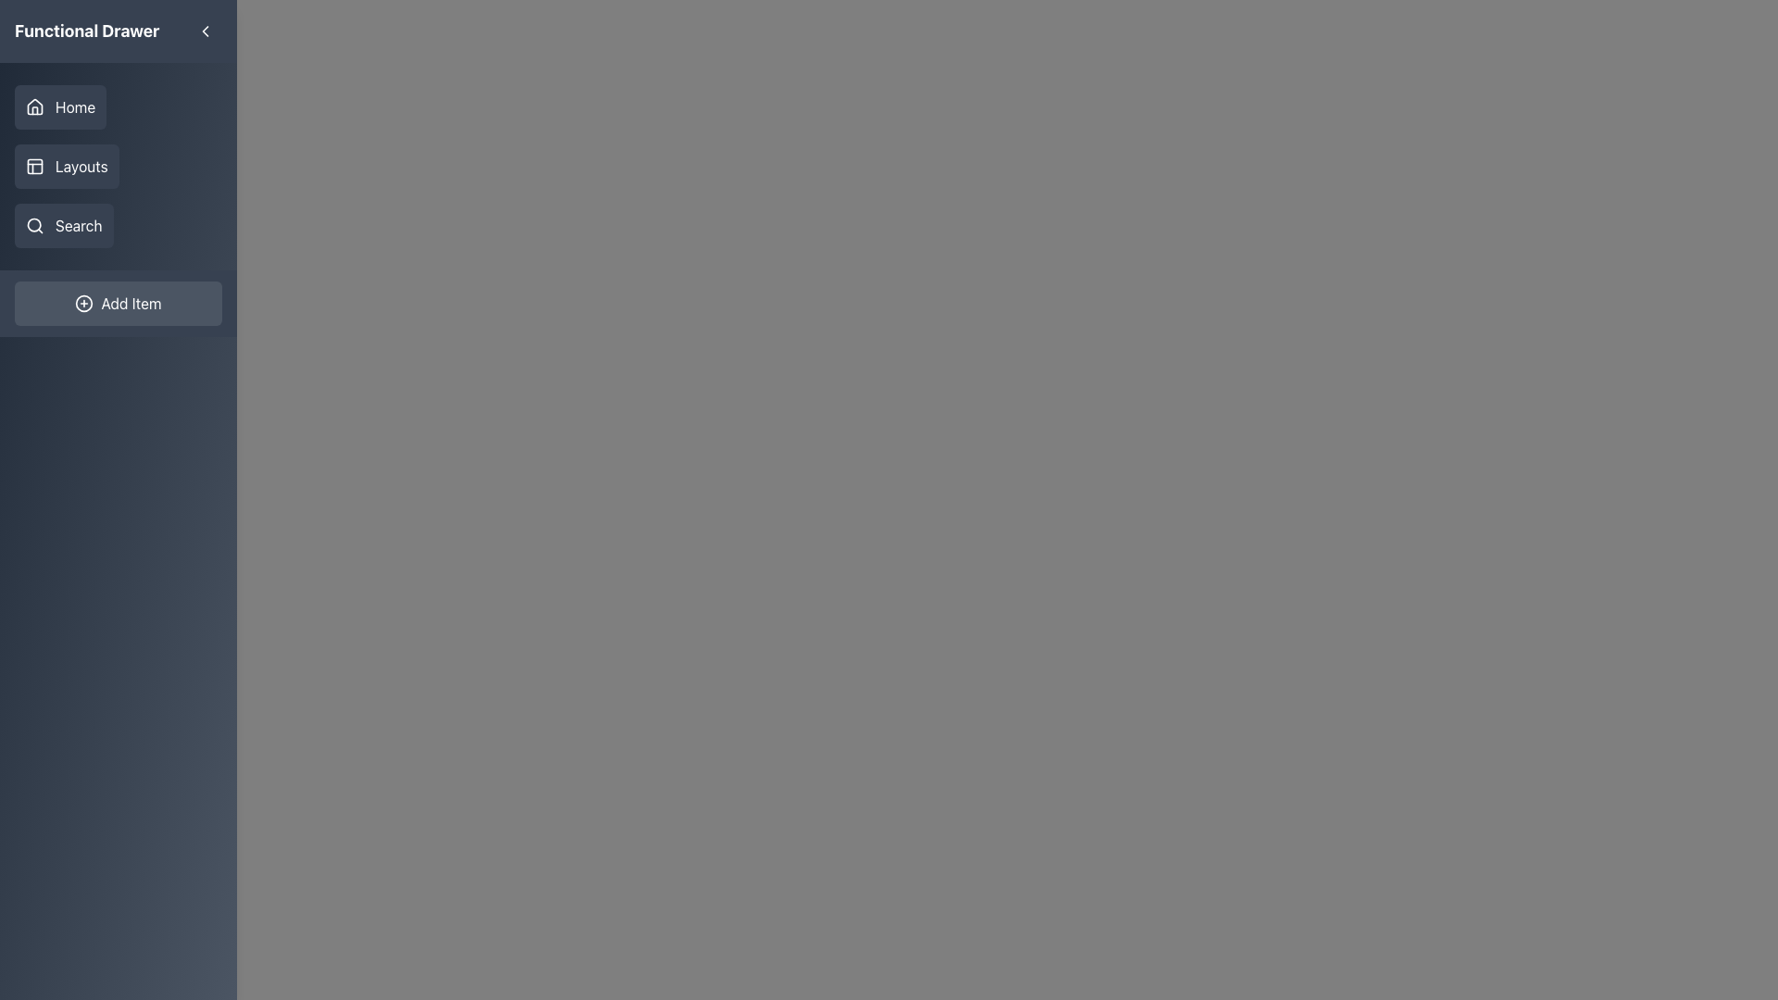 This screenshot has width=1778, height=1000. What do you see at coordinates (74, 106) in the screenshot?
I see `'Home' text label displayed in white color within the 'Functional Drawer' navigation menu` at bounding box center [74, 106].